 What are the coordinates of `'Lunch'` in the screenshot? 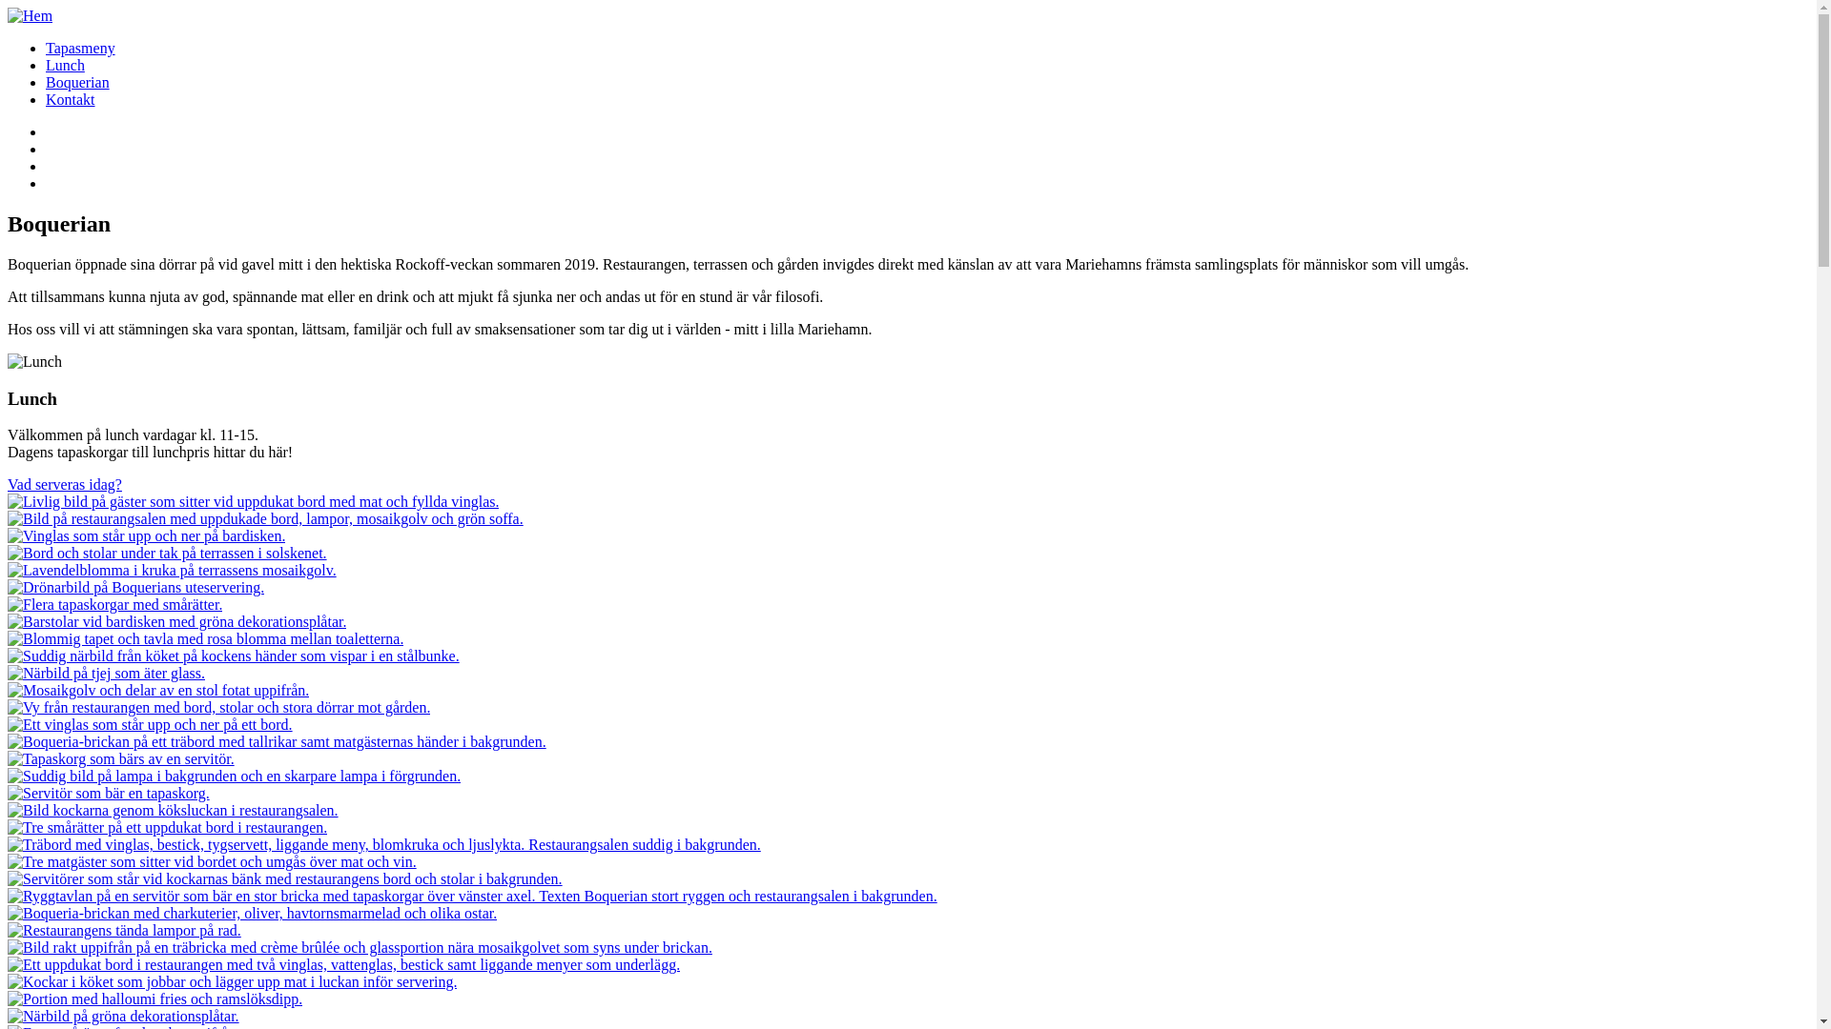 It's located at (65, 64).